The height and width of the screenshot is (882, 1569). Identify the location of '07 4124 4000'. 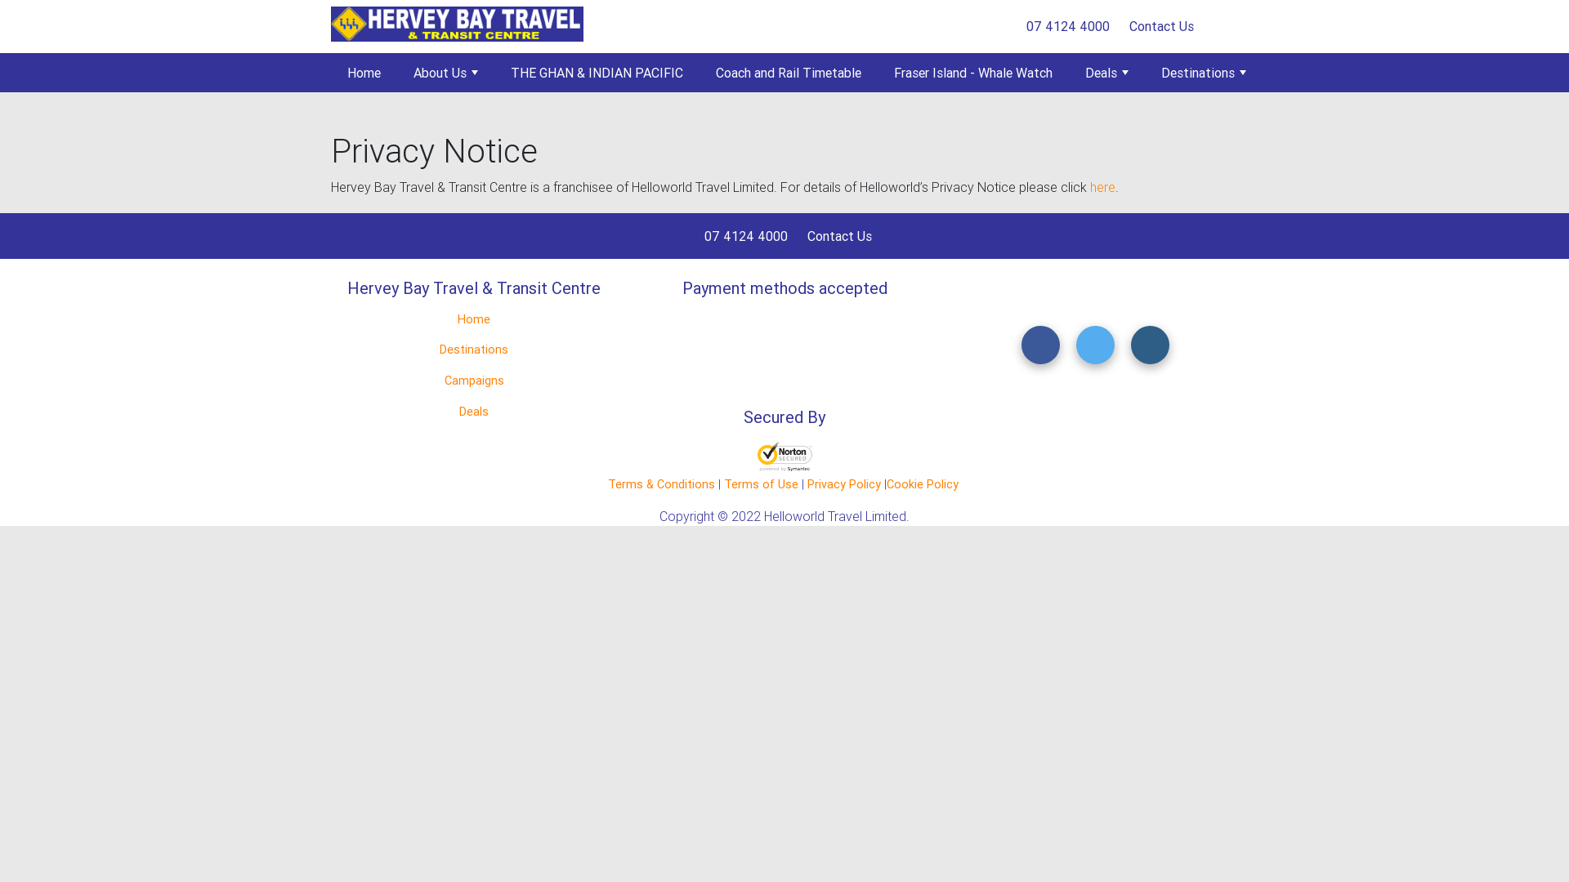
(741, 236).